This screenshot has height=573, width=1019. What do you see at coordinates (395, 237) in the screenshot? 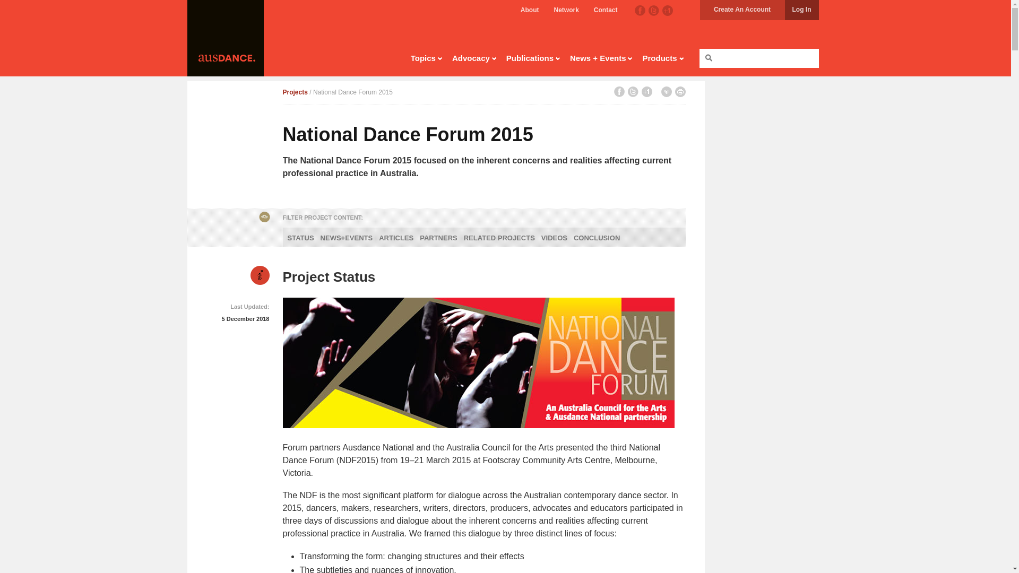
I see `'ARTICLES'` at bounding box center [395, 237].